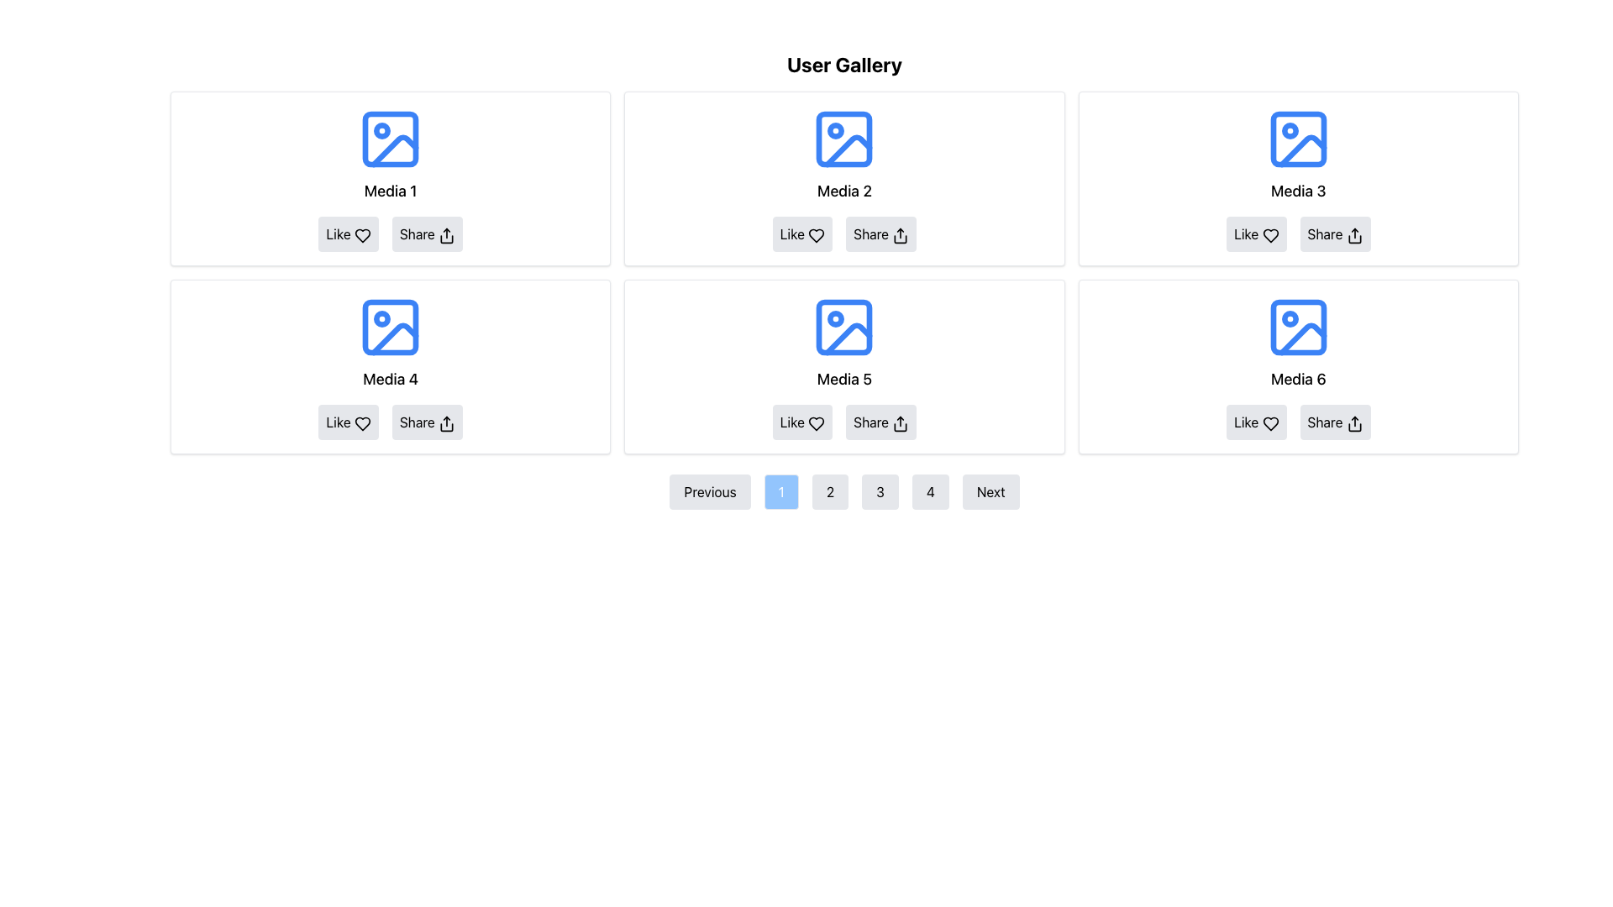 The image size is (1613, 907). Describe the element at coordinates (1297, 327) in the screenshot. I see `the icon element styled as an outlined image with a mountain and sun, located in the bottom-right cell of the media items grid` at that location.